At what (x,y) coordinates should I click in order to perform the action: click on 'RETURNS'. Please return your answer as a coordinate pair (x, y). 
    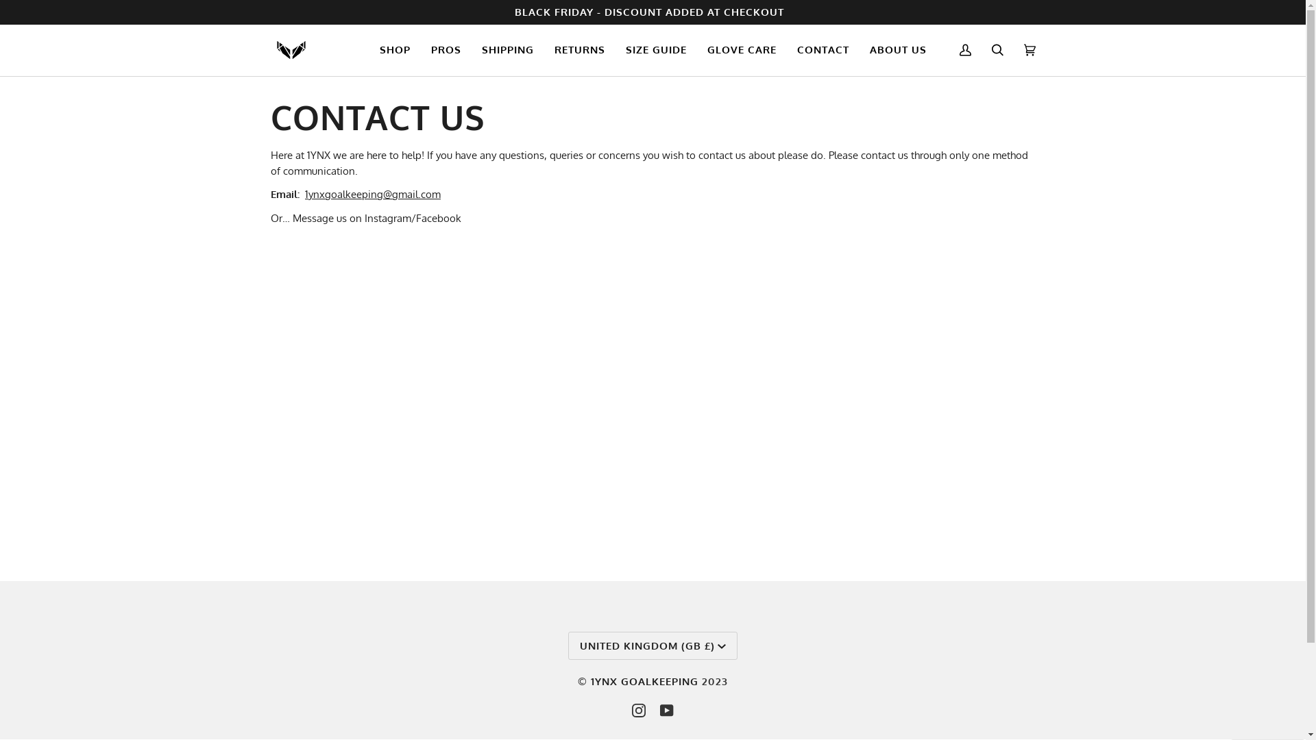
    Looking at the image, I should click on (579, 49).